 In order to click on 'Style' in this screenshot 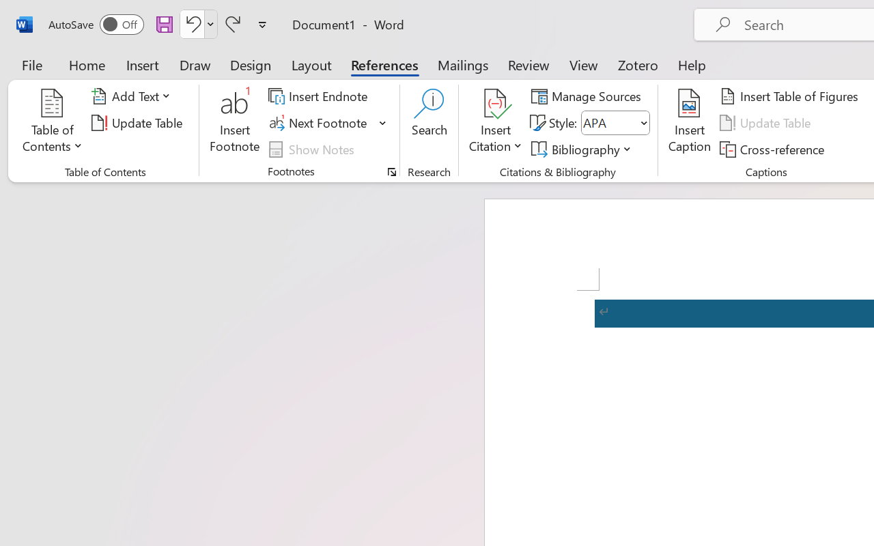, I will do `click(615, 122)`.